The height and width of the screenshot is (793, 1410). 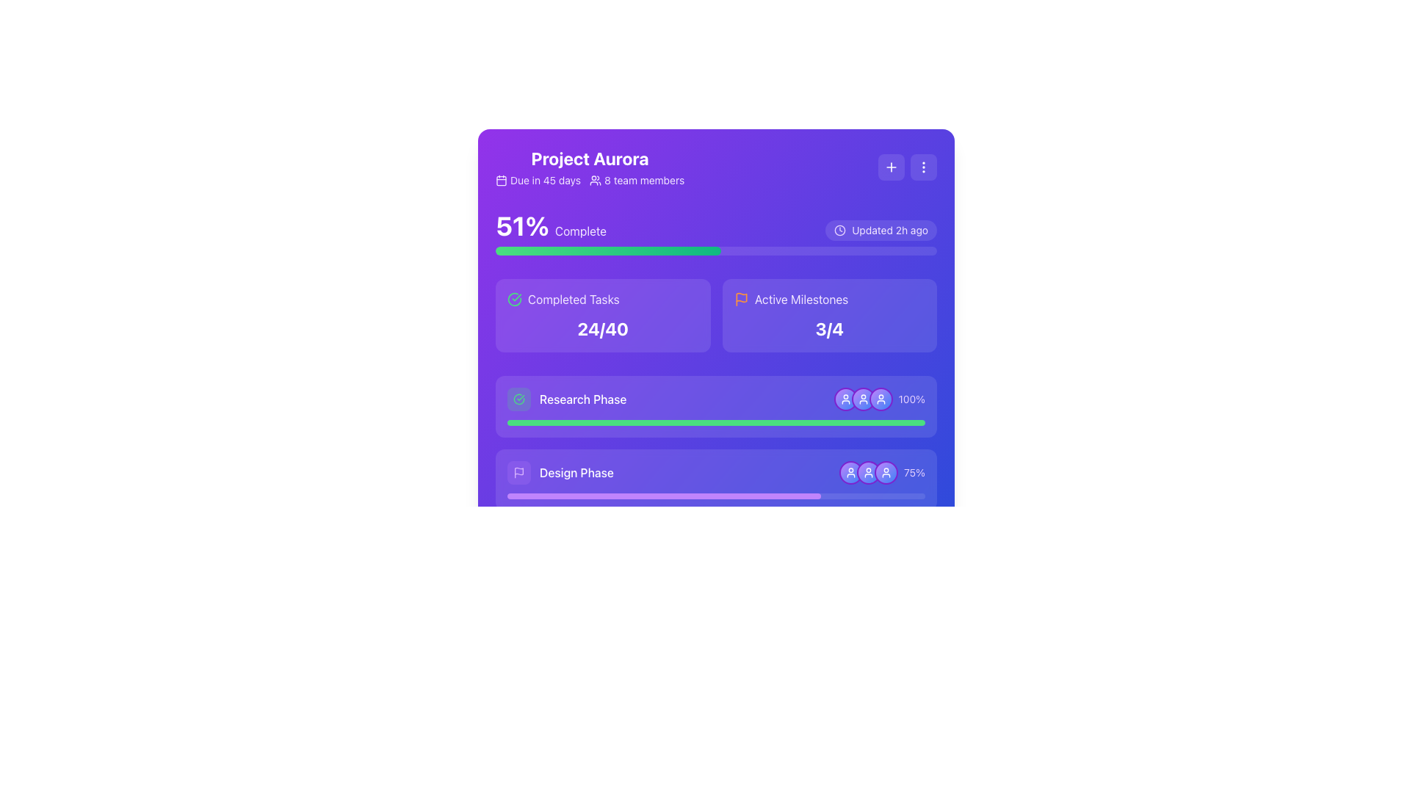 What do you see at coordinates (863, 399) in the screenshot?
I see `the second circular user avatar icon that indicates a user involved in the 'Research Phase'` at bounding box center [863, 399].